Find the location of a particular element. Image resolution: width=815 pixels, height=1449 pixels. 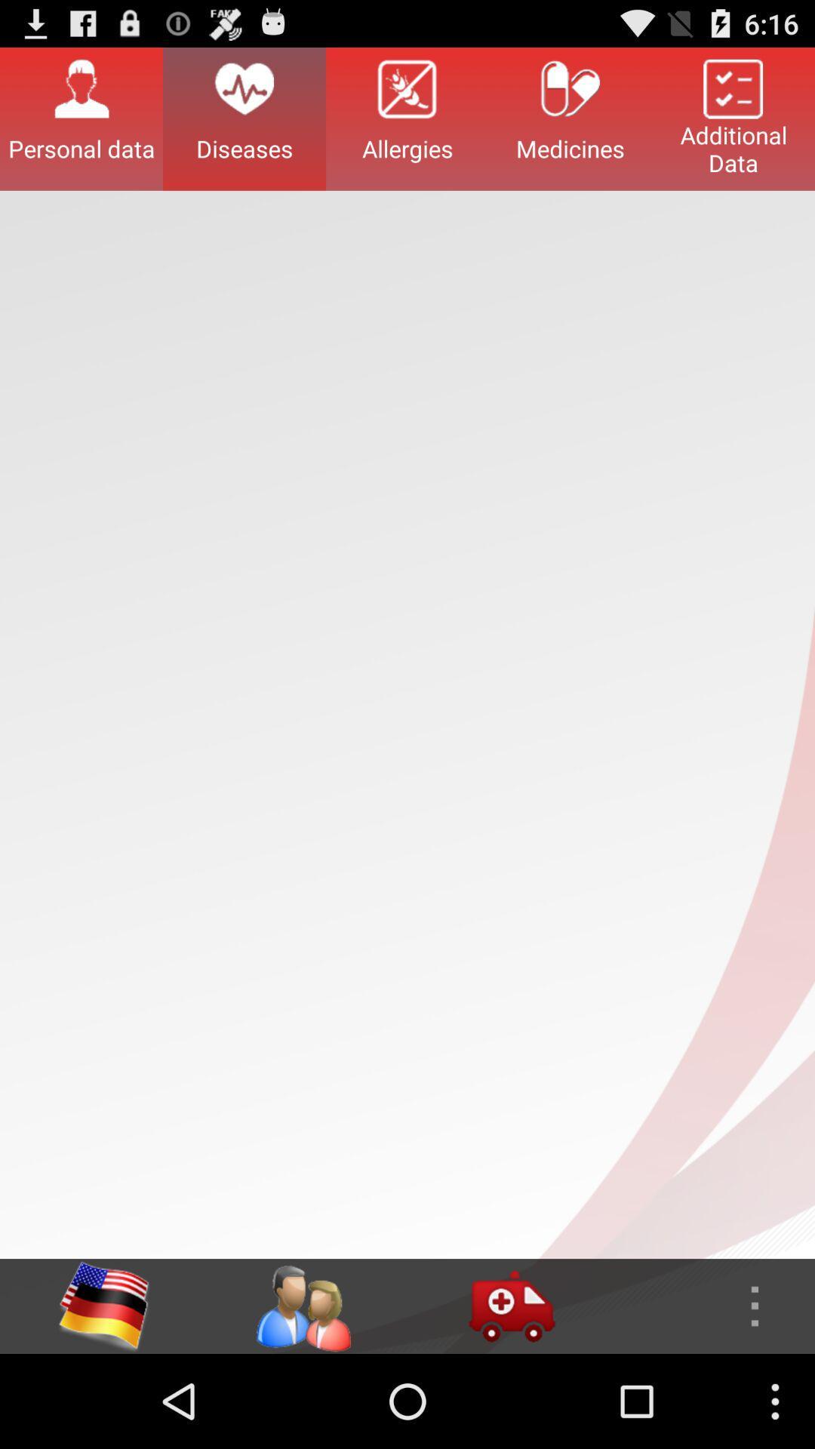

the allergies icon is located at coordinates (407, 118).